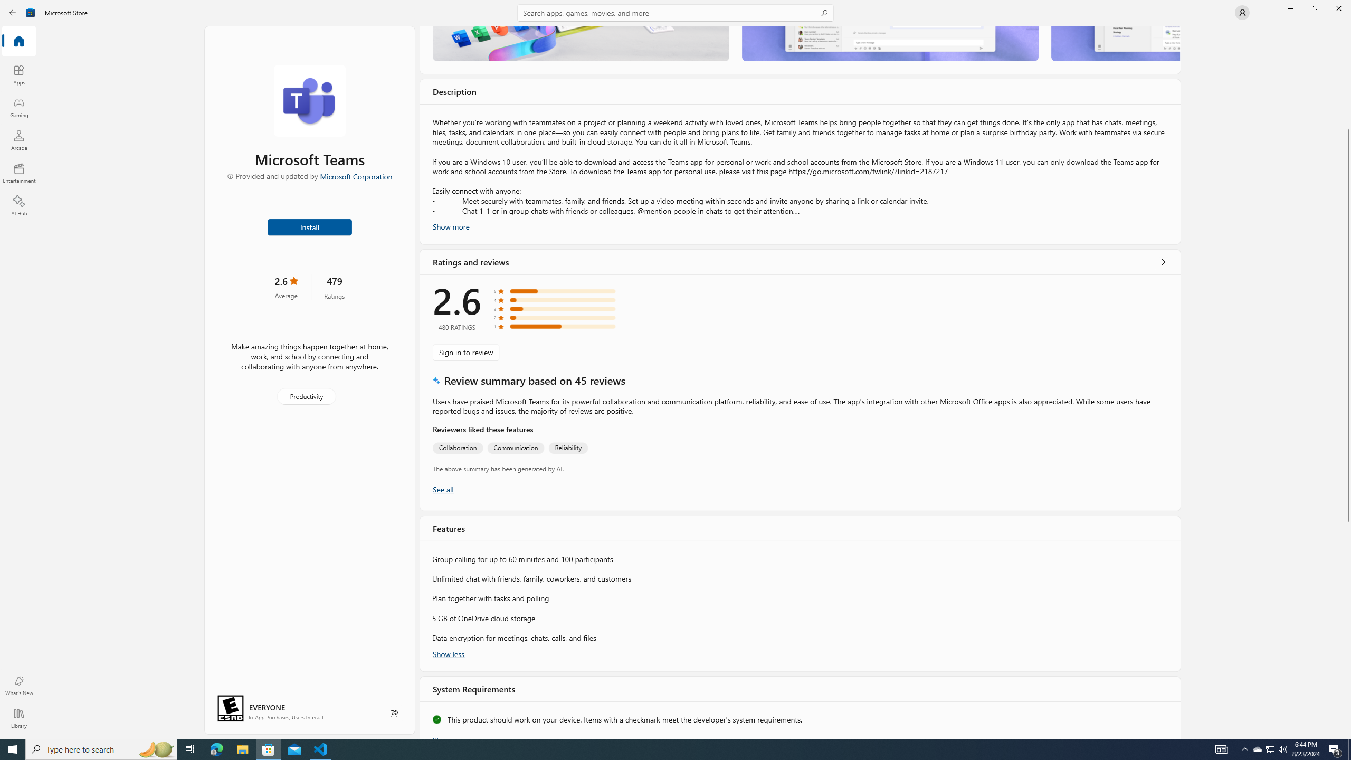 The width and height of the screenshot is (1351, 760). I want to click on 'Arcade', so click(18, 139).